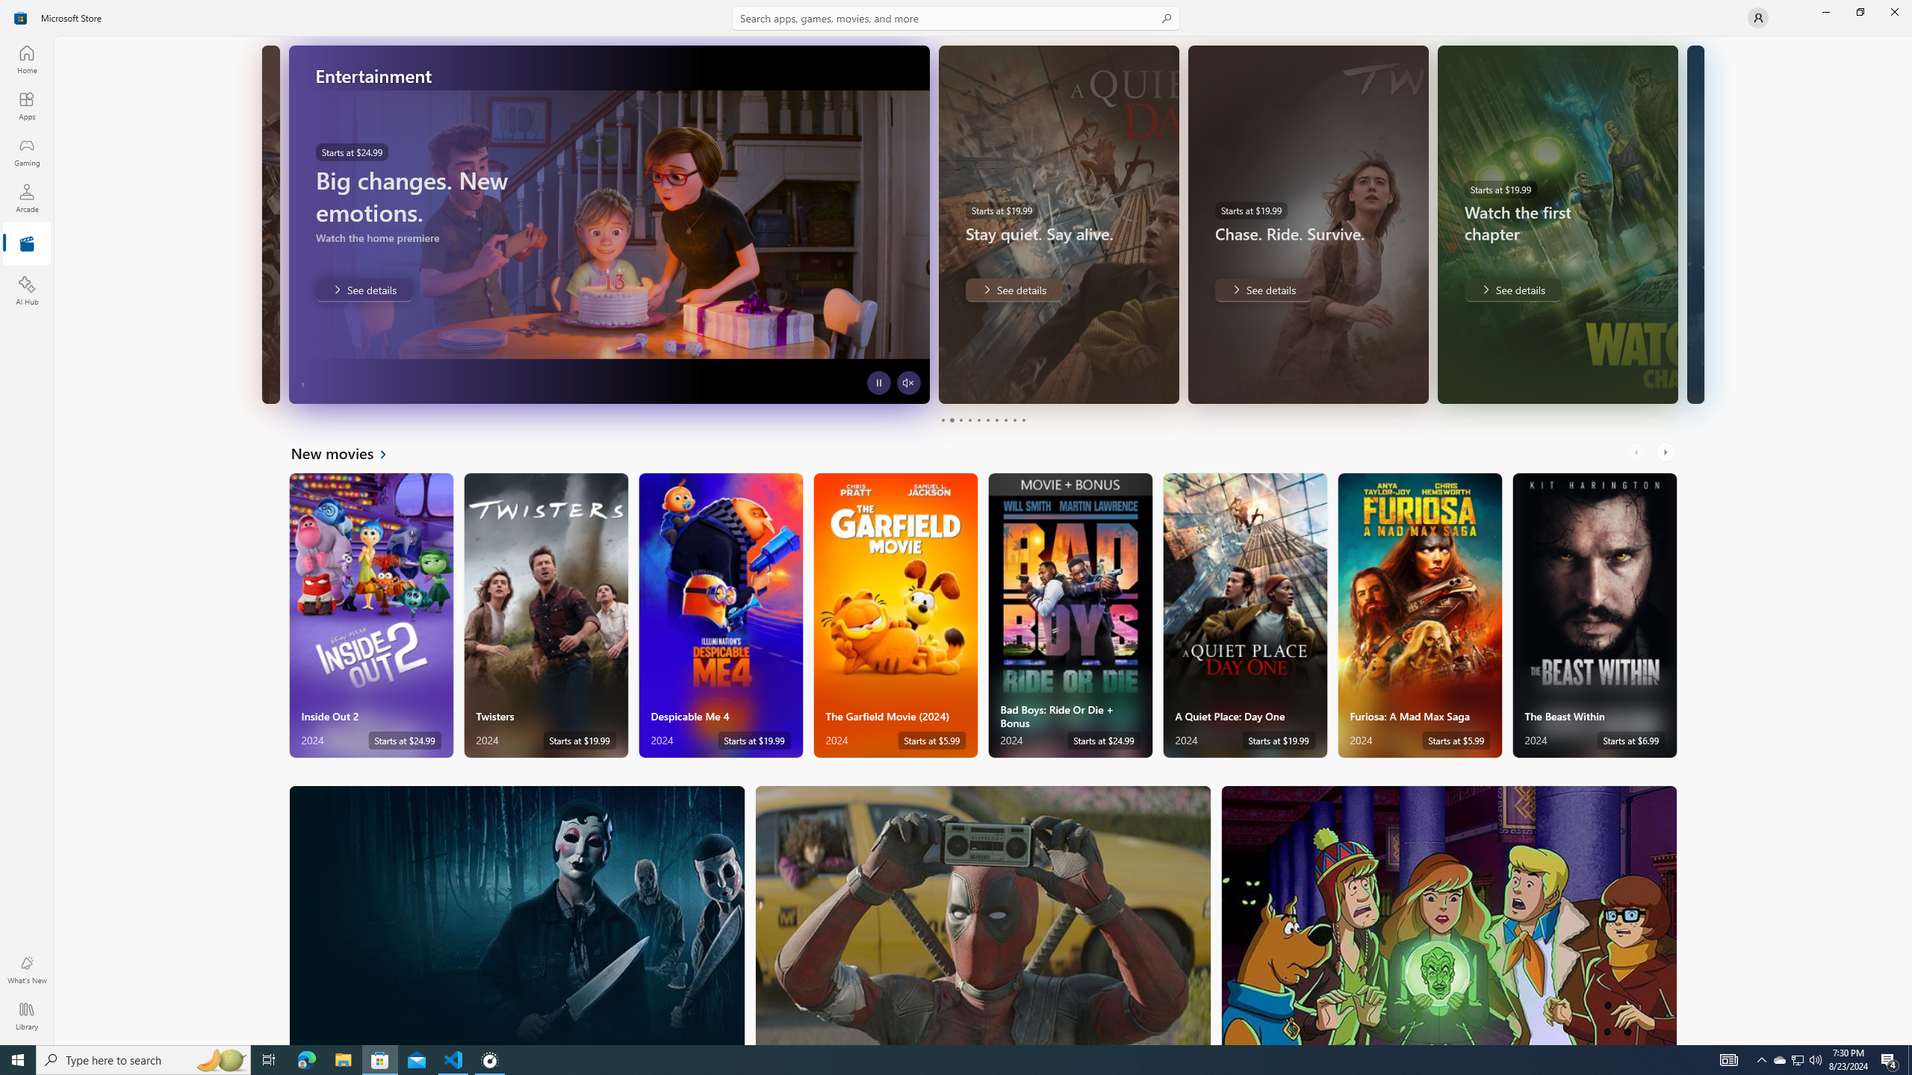 This screenshot has width=1912, height=1075. What do you see at coordinates (1005, 420) in the screenshot?
I see `'Page 8'` at bounding box center [1005, 420].